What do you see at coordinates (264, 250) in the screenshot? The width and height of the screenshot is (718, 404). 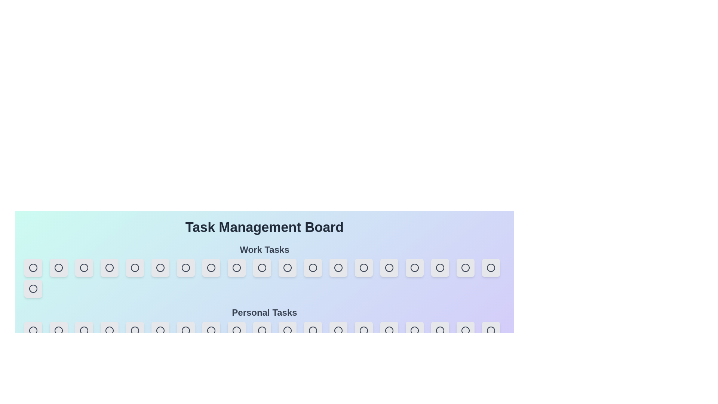 I see `the header of the Work category to select it` at bounding box center [264, 250].